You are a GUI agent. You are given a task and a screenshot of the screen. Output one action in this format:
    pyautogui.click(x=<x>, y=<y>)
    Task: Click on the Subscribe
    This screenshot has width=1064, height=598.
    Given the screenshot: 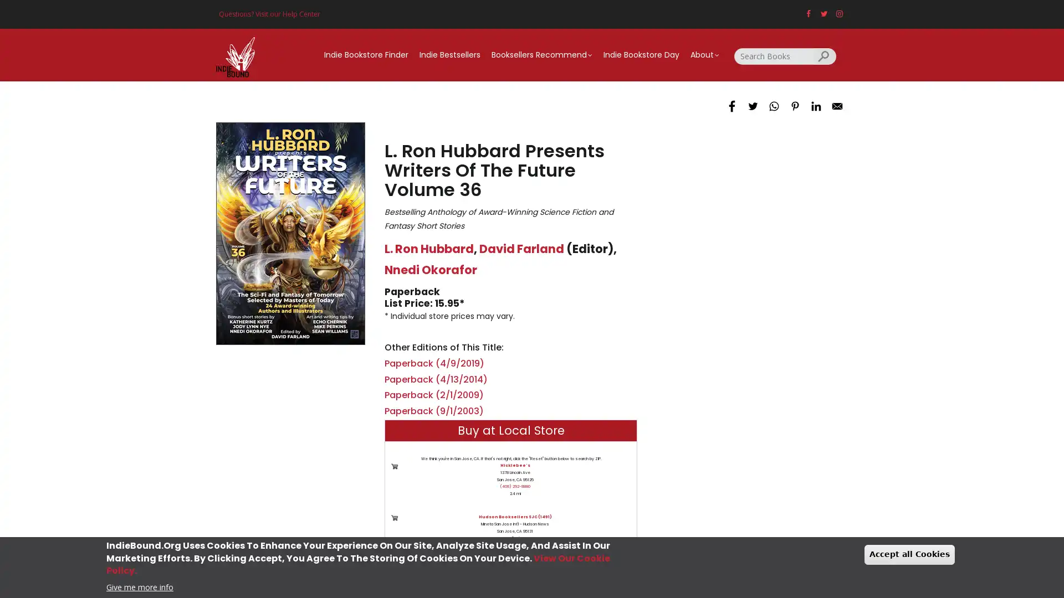 What is the action you would take?
    pyautogui.click(x=532, y=382)
    